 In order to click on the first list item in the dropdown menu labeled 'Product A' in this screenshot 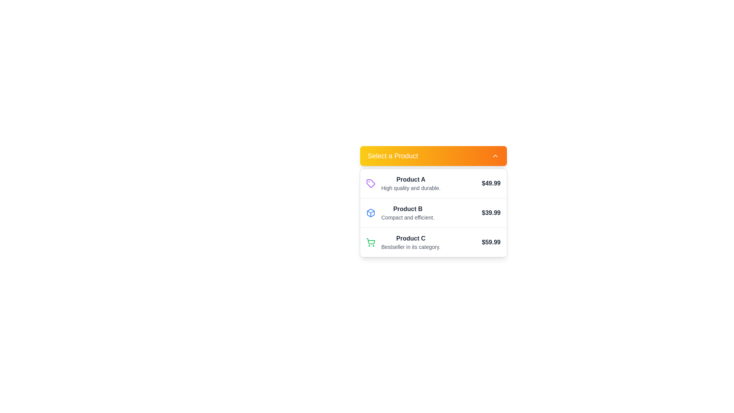, I will do `click(433, 183)`.